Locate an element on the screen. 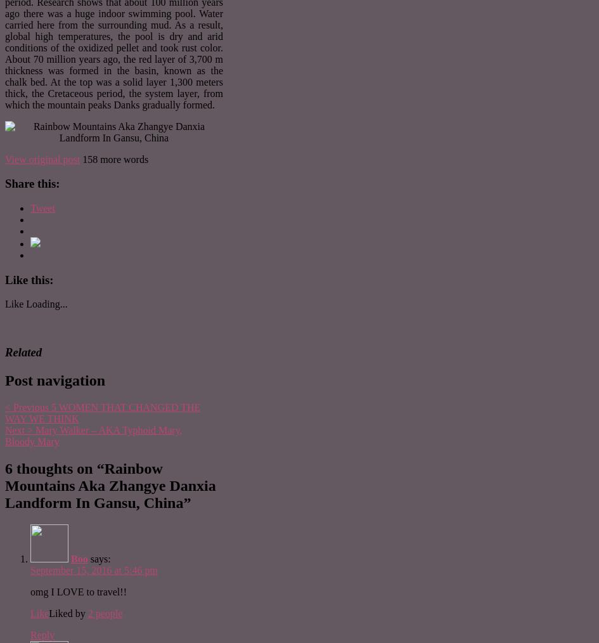 Image resolution: width=599 pixels, height=643 pixels. 'Tweet' is located at coordinates (30, 208).